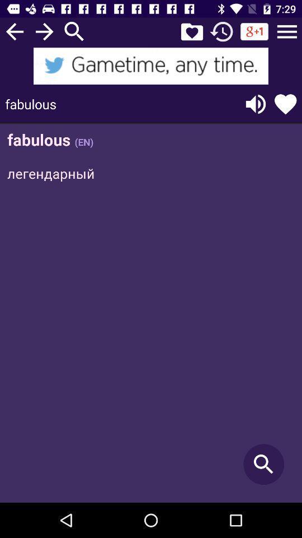 The height and width of the screenshot is (538, 302). Describe the element at coordinates (285, 104) in the screenshot. I see `this word` at that location.